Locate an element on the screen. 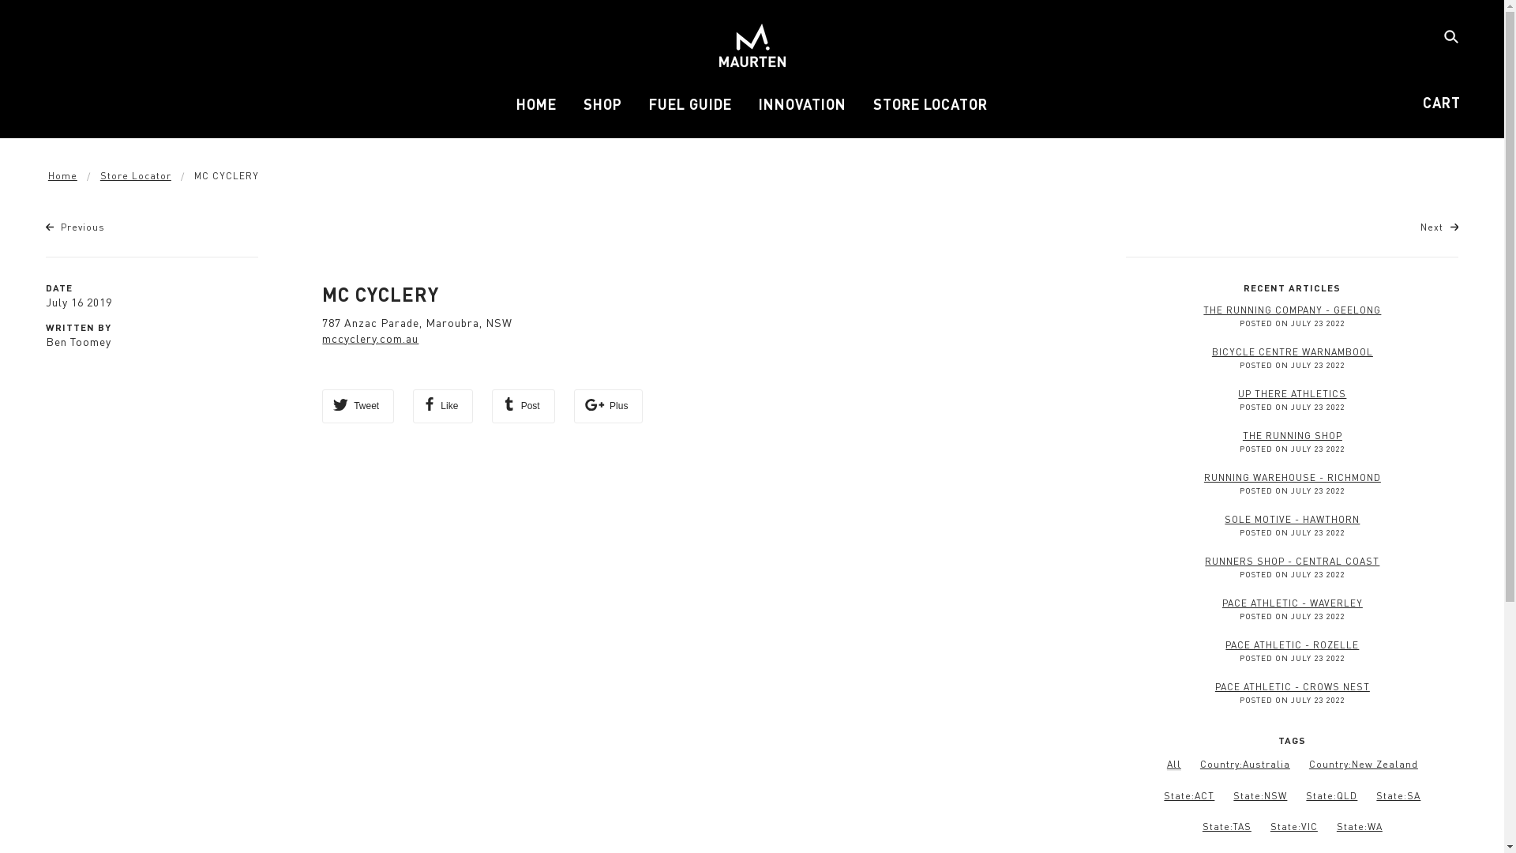  'CART' is located at coordinates (1441, 103).